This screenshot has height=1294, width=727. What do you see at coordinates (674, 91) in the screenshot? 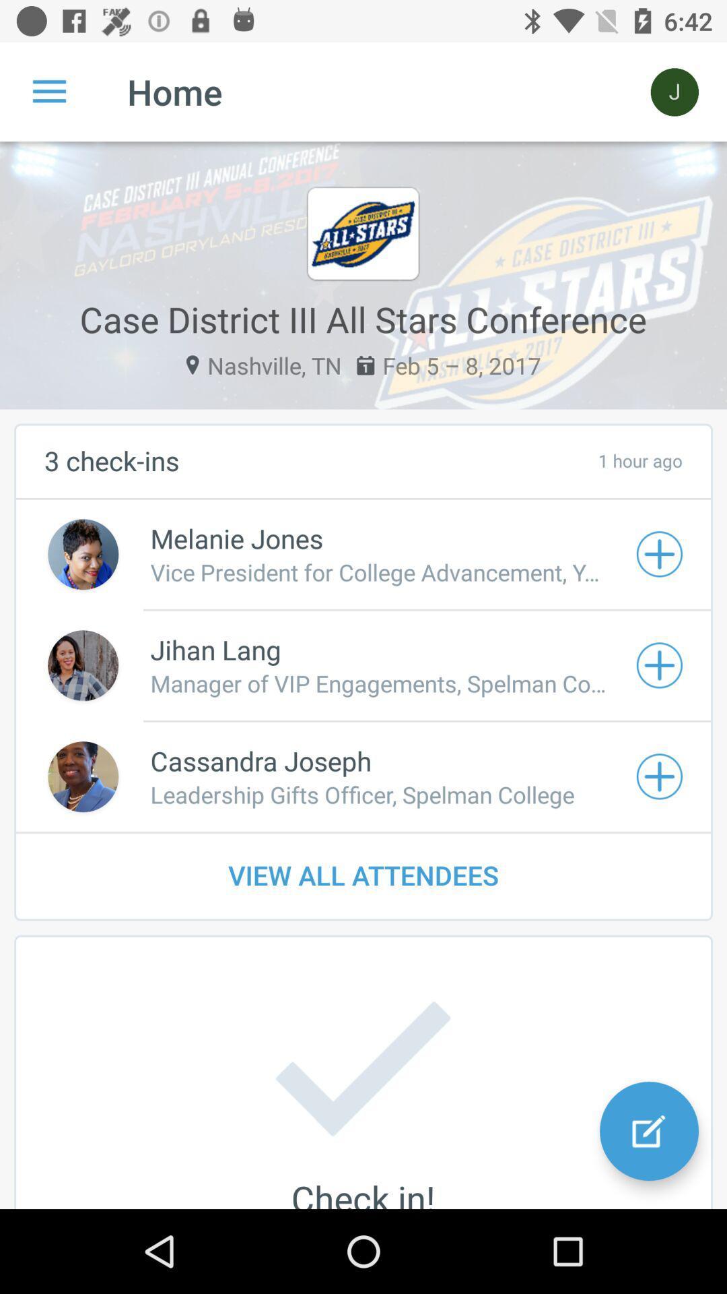
I see `item at the top right corner` at bounding box center [674, 91].